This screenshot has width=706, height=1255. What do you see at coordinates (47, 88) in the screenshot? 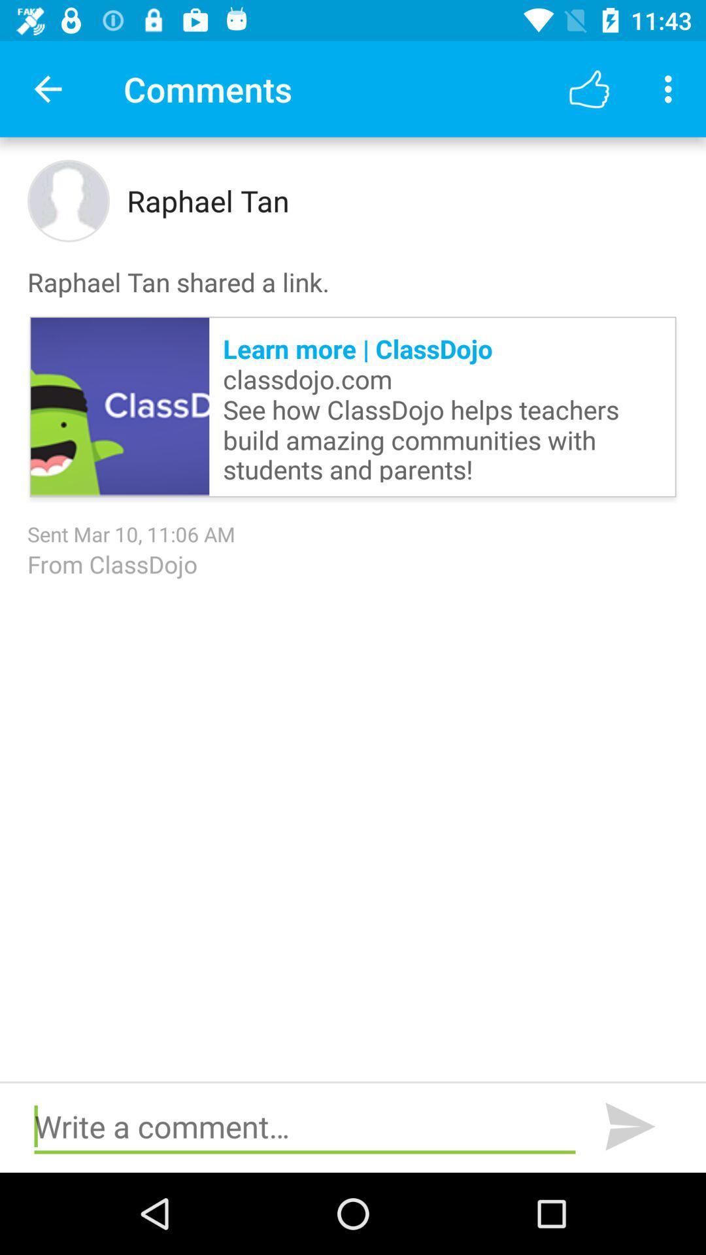
I see `item to the left of comments` at bounding box center [47, 88].